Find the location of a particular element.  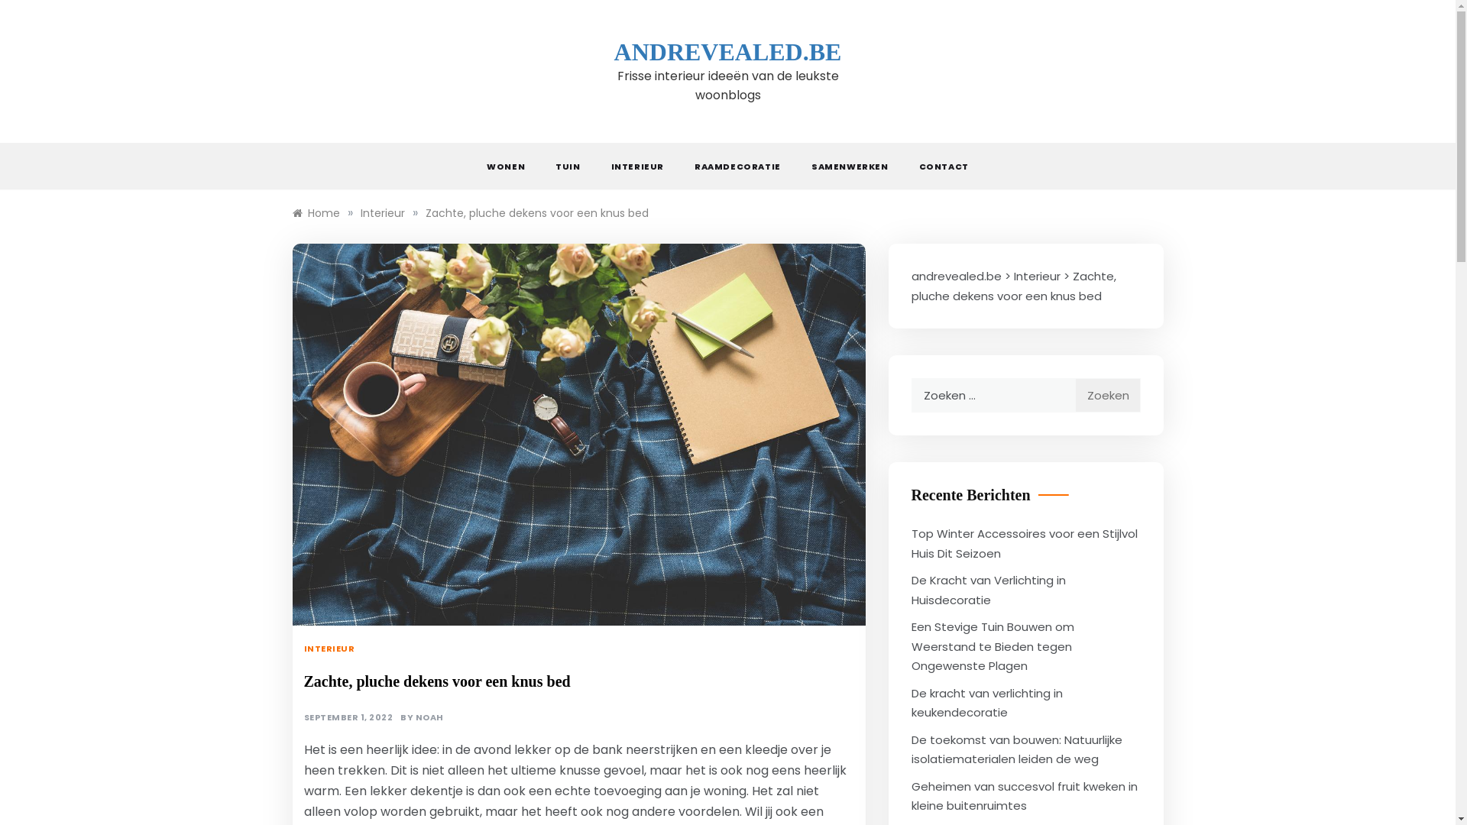

'Home' is located at coordinates (314, 212).